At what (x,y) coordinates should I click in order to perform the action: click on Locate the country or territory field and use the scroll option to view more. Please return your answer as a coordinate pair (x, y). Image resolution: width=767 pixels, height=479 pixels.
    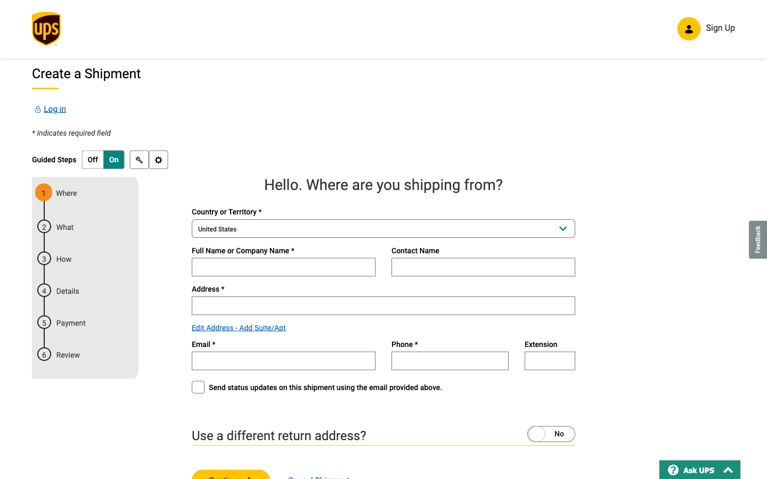
    Looking at the image, I should click on (383, 230).